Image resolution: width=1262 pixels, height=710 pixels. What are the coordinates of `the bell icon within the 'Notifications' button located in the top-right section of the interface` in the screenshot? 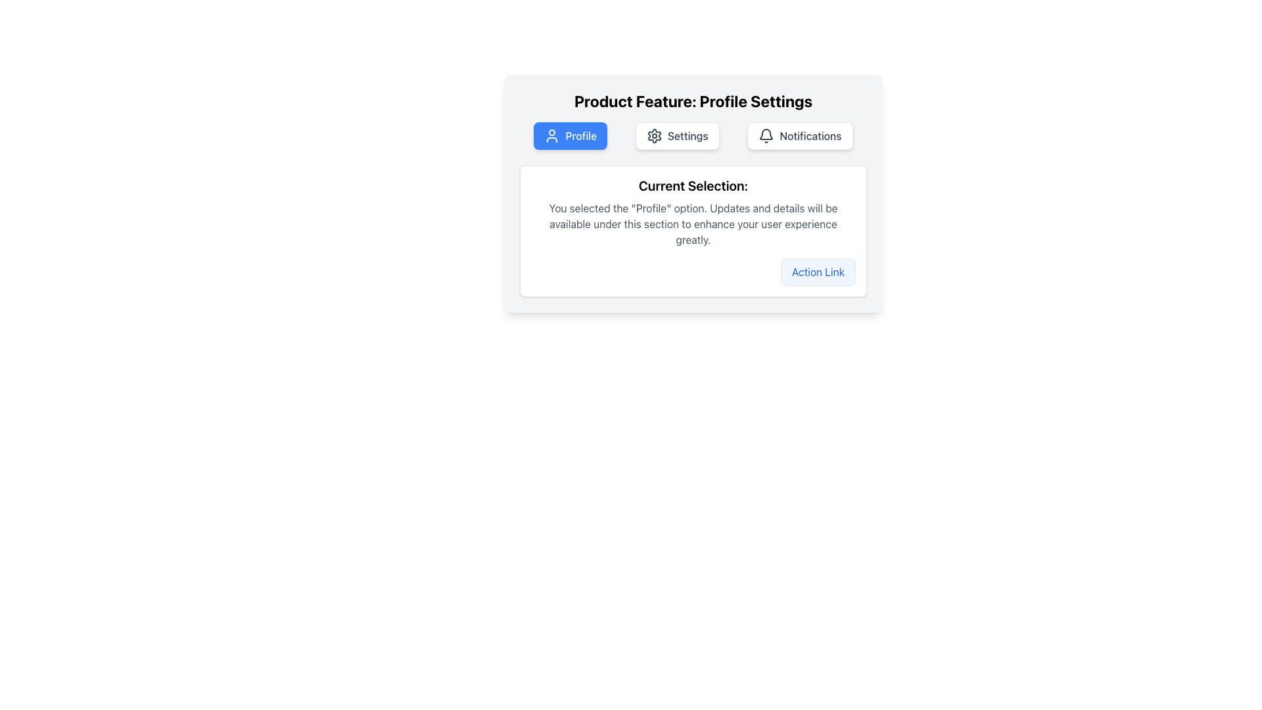 It's located at (766, 134).